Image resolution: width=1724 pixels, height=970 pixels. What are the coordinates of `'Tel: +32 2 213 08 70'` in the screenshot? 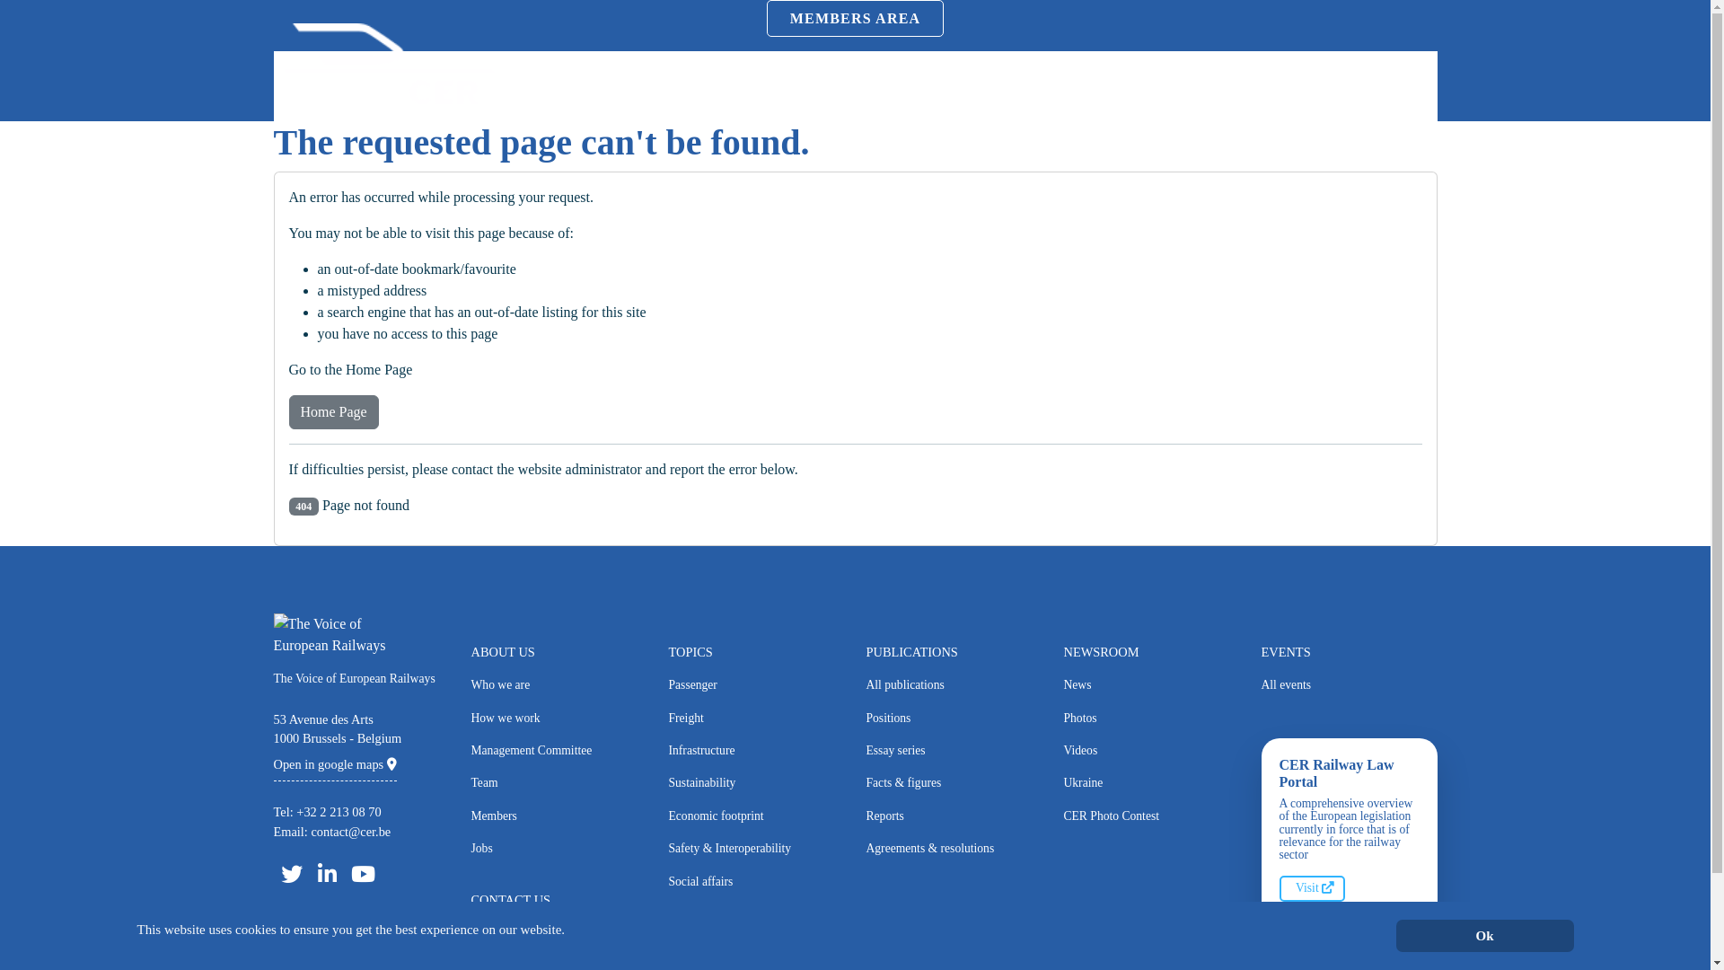 It's located at (327, 811).